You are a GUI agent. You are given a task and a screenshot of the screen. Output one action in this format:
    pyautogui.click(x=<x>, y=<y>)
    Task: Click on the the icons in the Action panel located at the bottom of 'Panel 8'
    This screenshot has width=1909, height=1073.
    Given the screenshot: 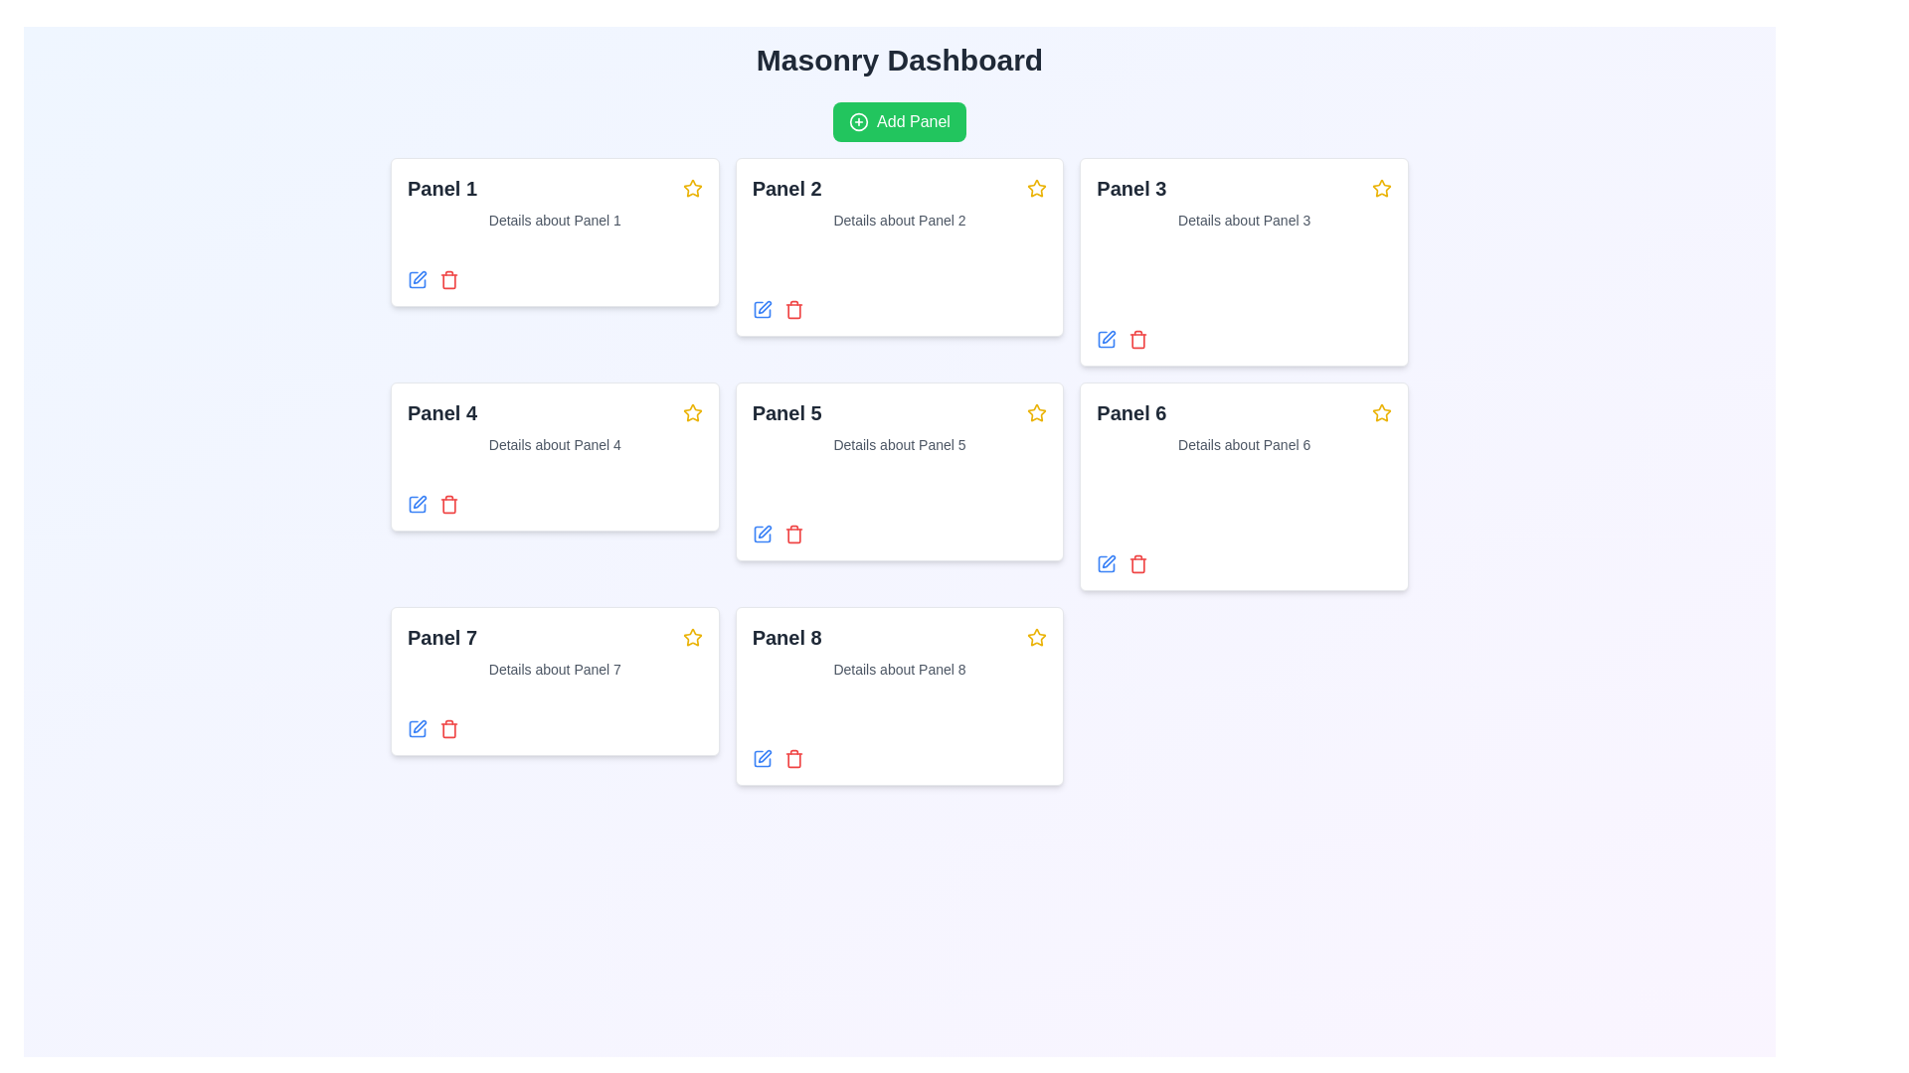 What is the action you would take?
    pyautogui.click(x=898, y=758)
    